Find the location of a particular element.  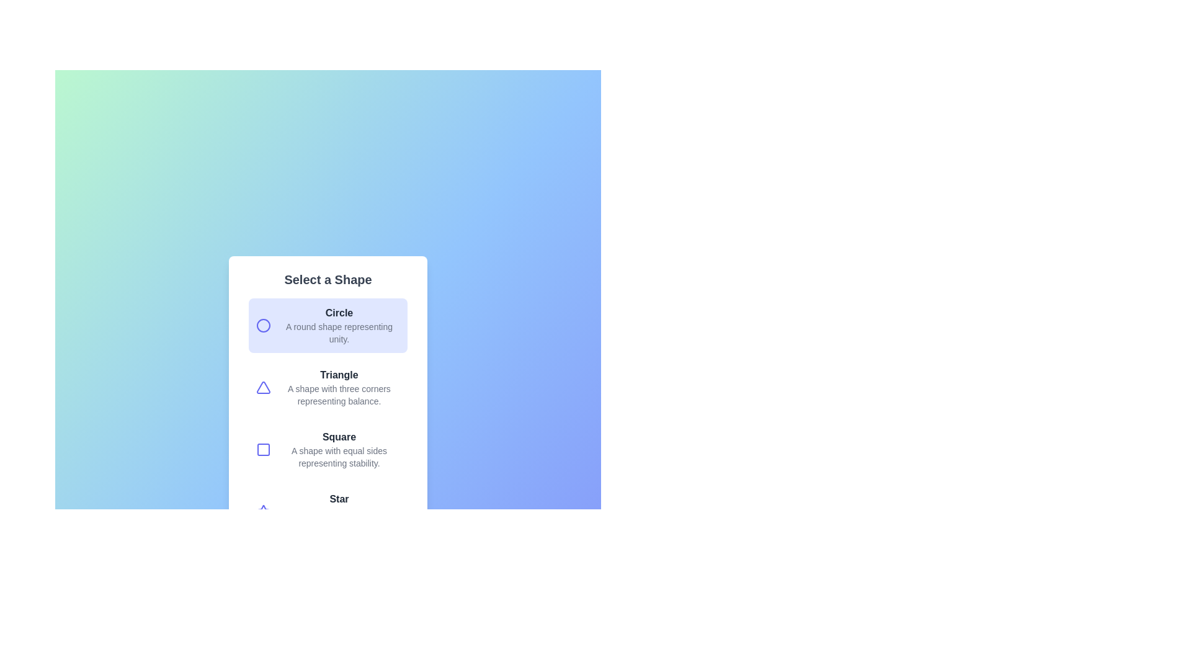

the shape Star from the menu is located at coordinates (328, 512).